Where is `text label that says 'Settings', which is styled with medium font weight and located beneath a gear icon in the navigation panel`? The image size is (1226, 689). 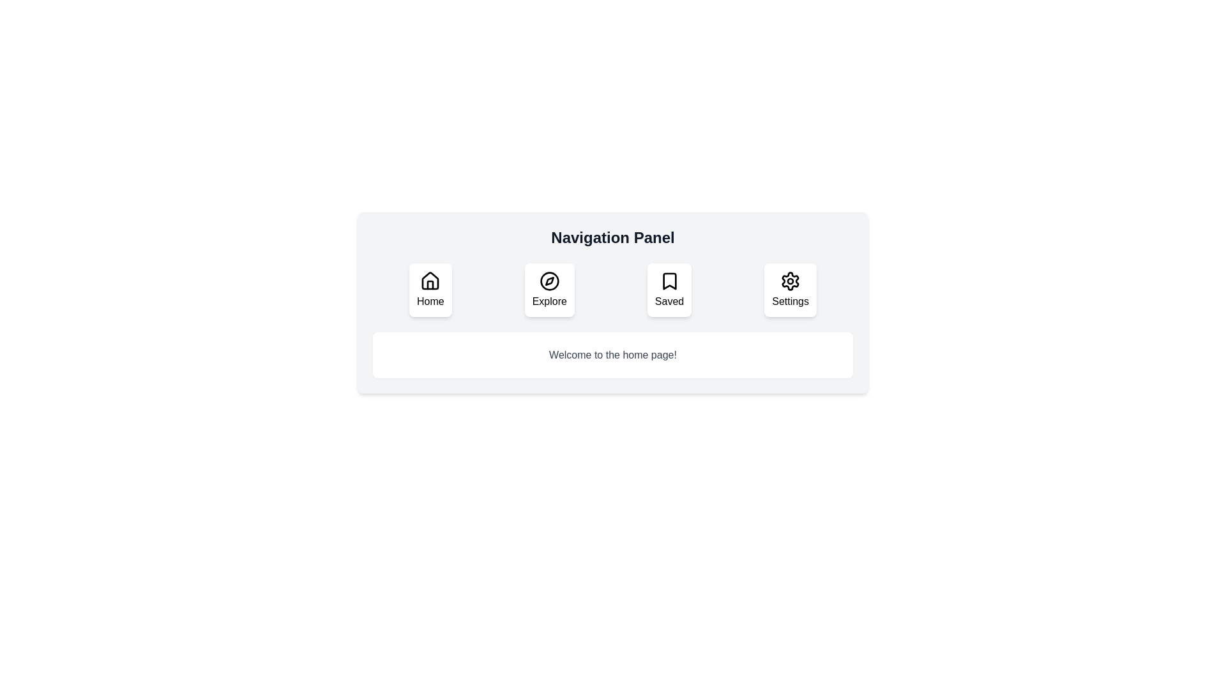 text label that says 'Settings', which is styled with medium font weight and located beneath a gear icon in the navigation panel is located at coordinates (790, 302).